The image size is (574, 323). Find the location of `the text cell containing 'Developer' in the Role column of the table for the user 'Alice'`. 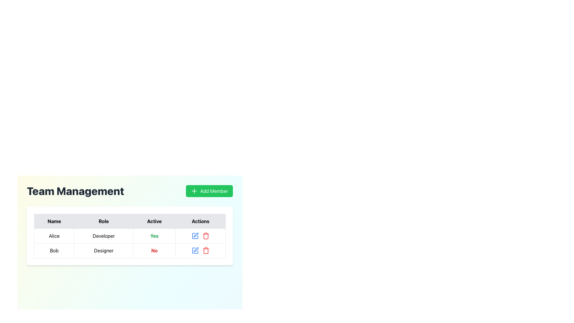

the text cell containing 'Developer' in the Role column of the table for the user 'Alice' is located at coordinates (104, 236).